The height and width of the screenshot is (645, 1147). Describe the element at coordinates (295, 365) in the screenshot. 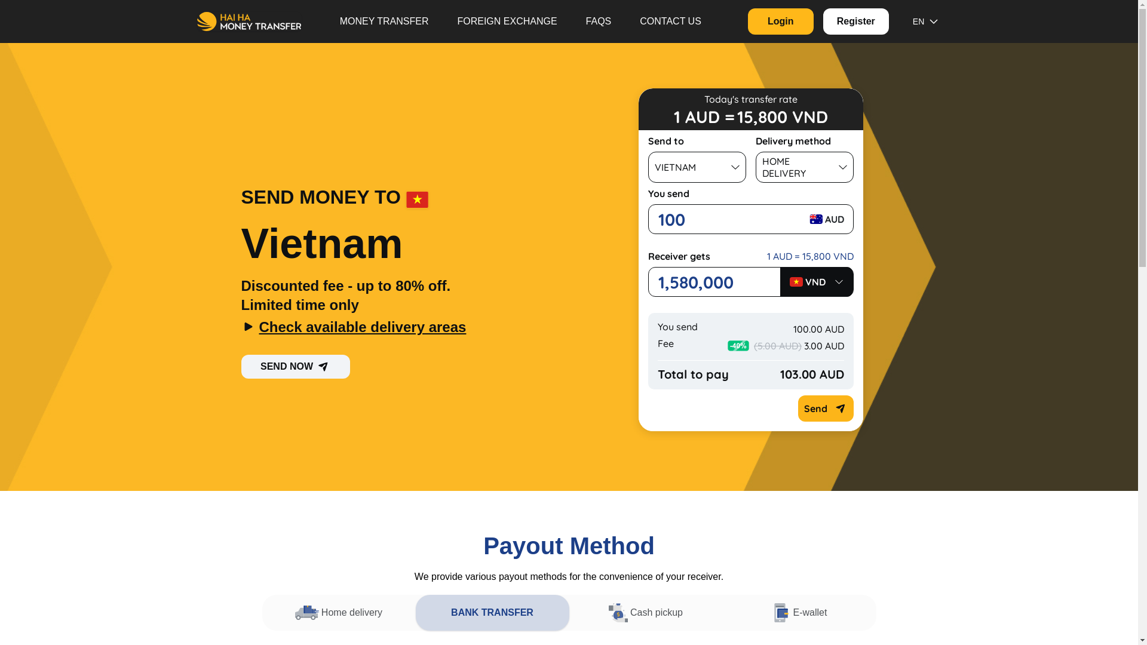

I see `'SEND NOW'` at that location.